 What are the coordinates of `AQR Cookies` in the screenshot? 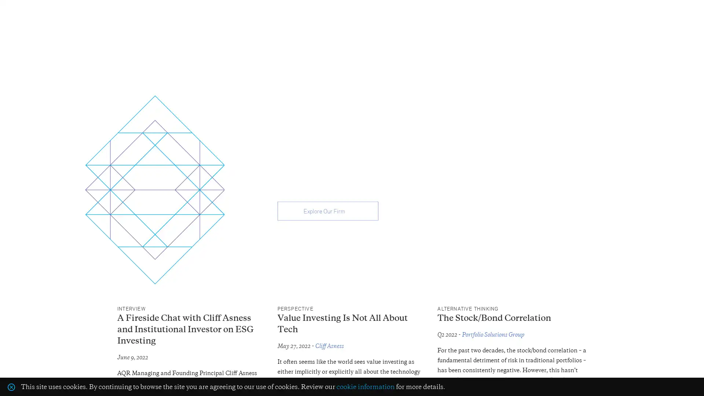 It's located at (11, 386).